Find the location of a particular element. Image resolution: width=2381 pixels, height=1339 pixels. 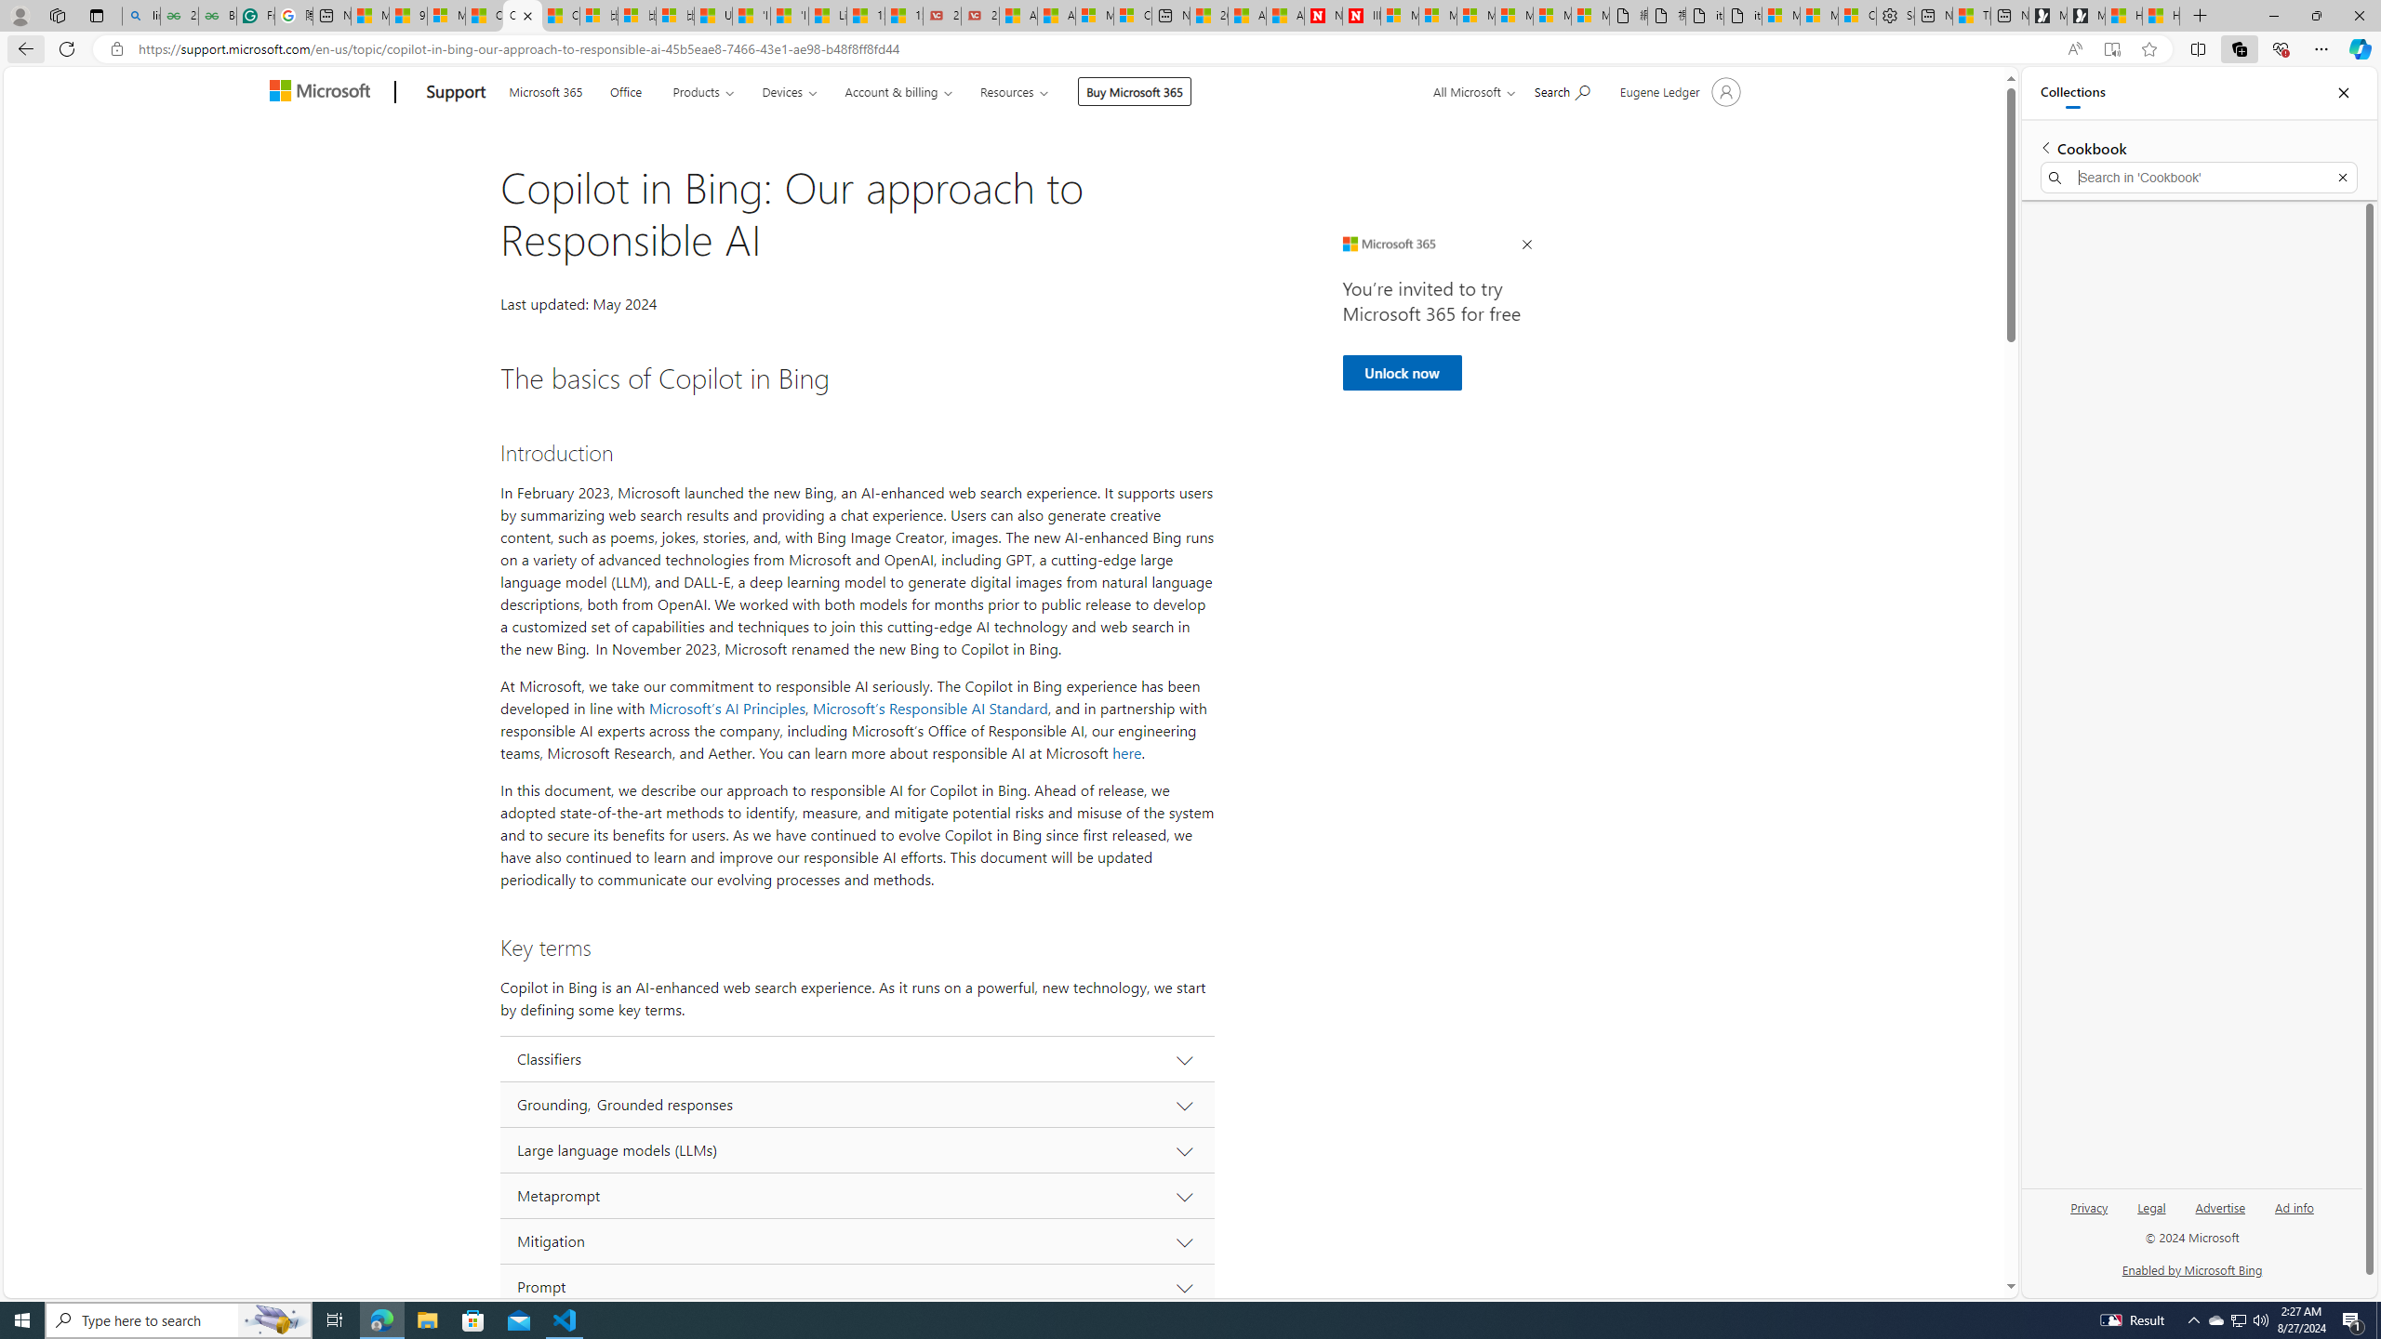

'Search for help' is located at coordinates (1562, 89).